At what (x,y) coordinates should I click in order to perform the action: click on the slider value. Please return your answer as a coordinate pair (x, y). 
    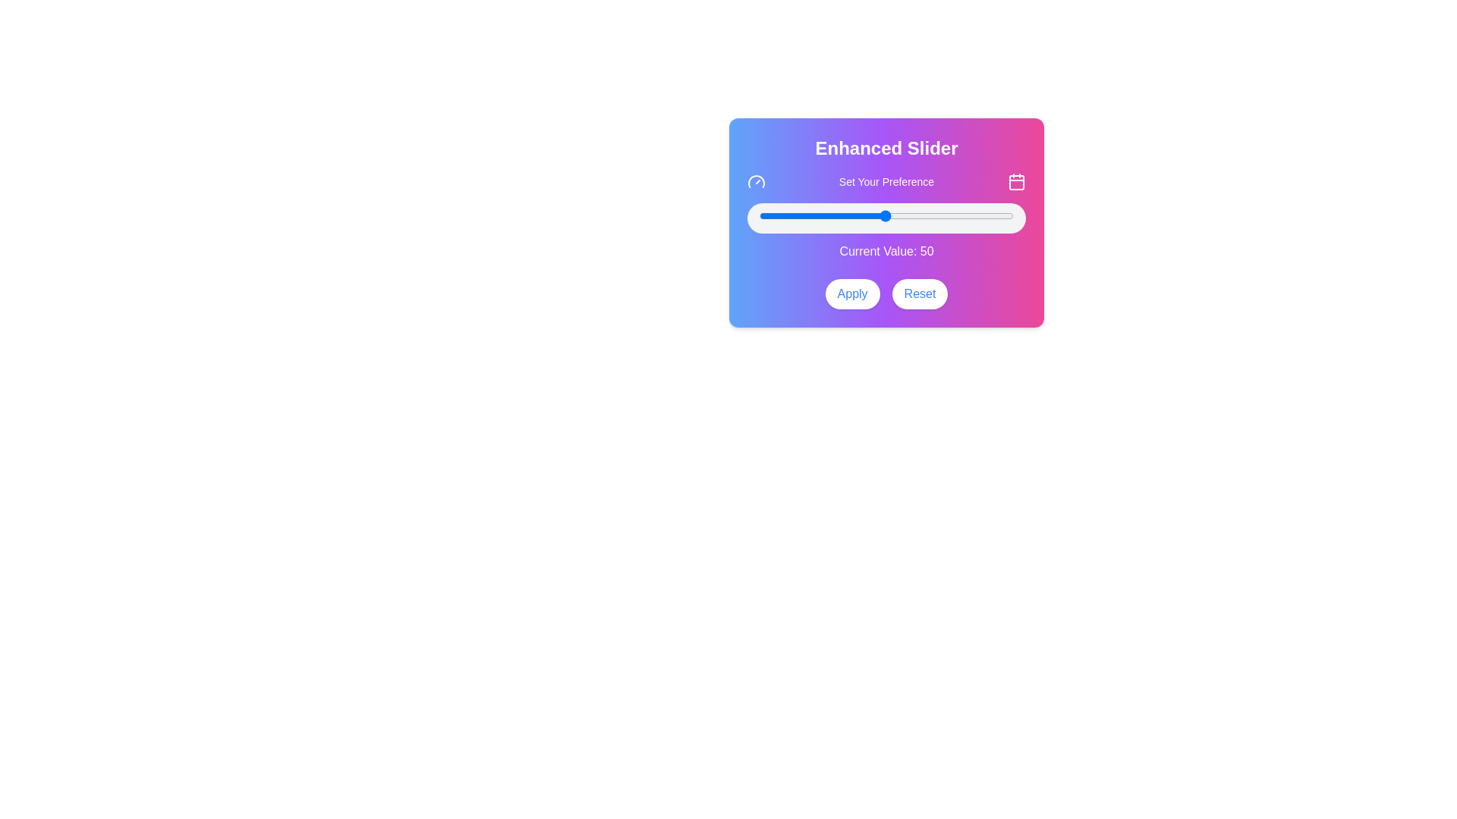
    Looking at the image, I should click on (769, 216).